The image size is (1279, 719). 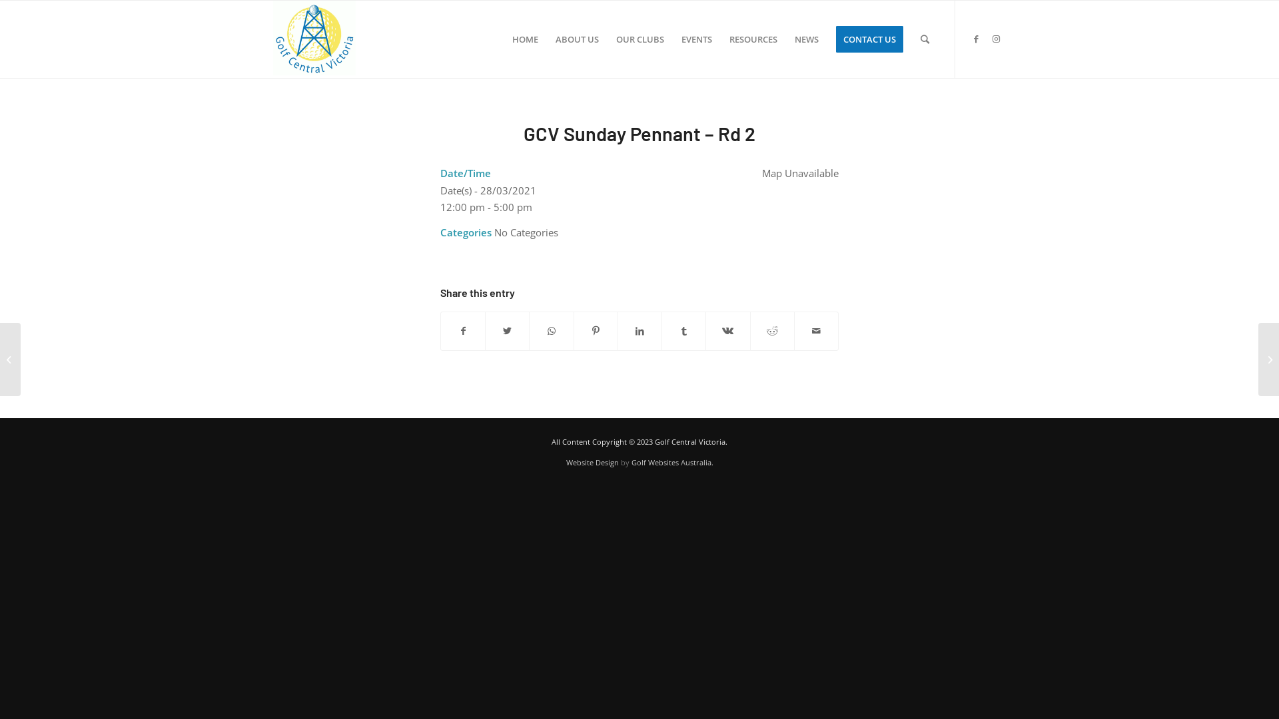 What do you see at coordinates (985, 37) in the screenshot?
I see `'Instagram'` at bounding box center [985, 37].